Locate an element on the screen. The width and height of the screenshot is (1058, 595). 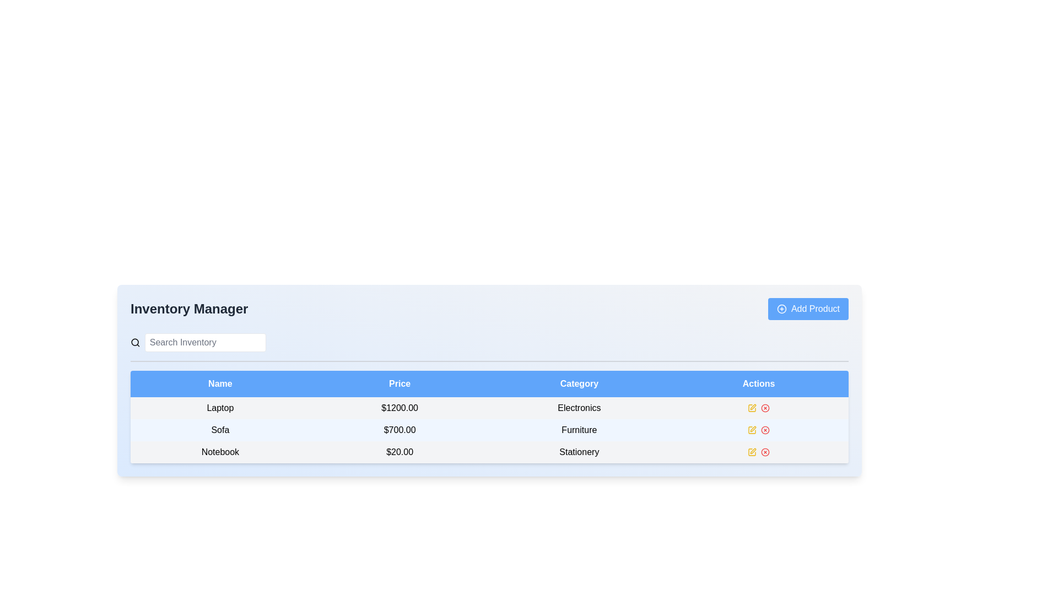
the edit icon in the 'Actions' column of the last row of the table, which resembles a pen and is the first icon for the 'Notebook' row is located at coordinates (752, 452).